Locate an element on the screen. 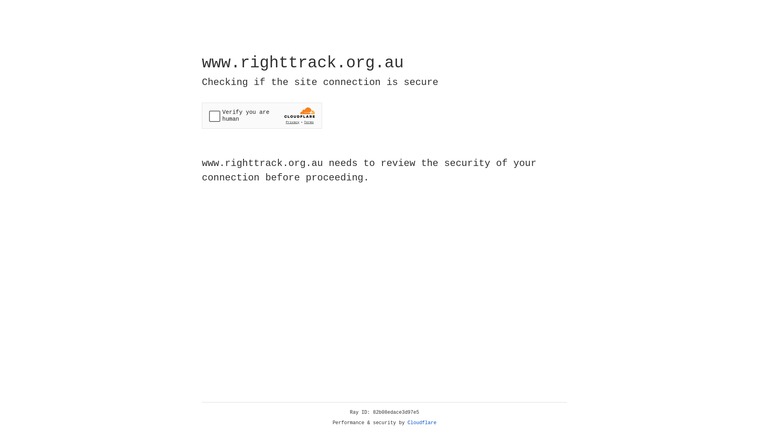  'Widget containing a Cloudflare security challenge' is located at coordinates (262, 115).